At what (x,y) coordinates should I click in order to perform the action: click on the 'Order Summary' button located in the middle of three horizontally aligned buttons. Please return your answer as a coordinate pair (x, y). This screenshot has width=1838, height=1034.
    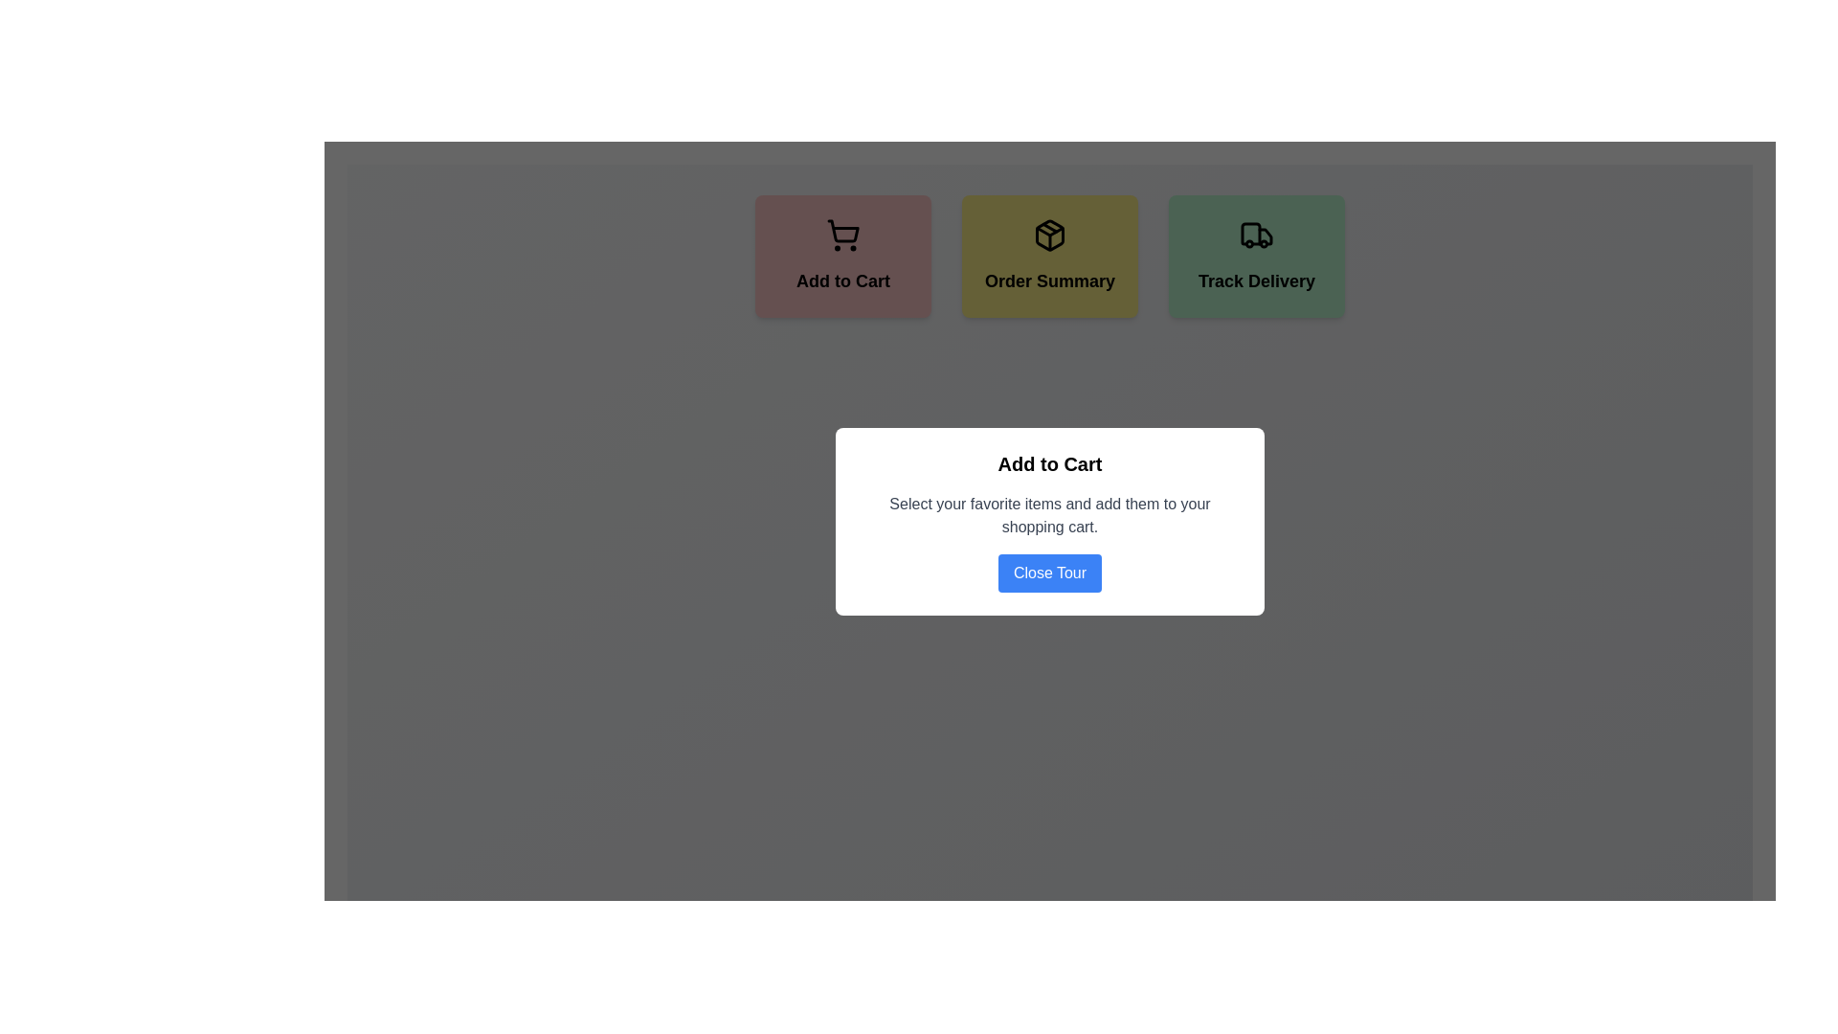
    Looking at the image, I should click on (1049, 255).